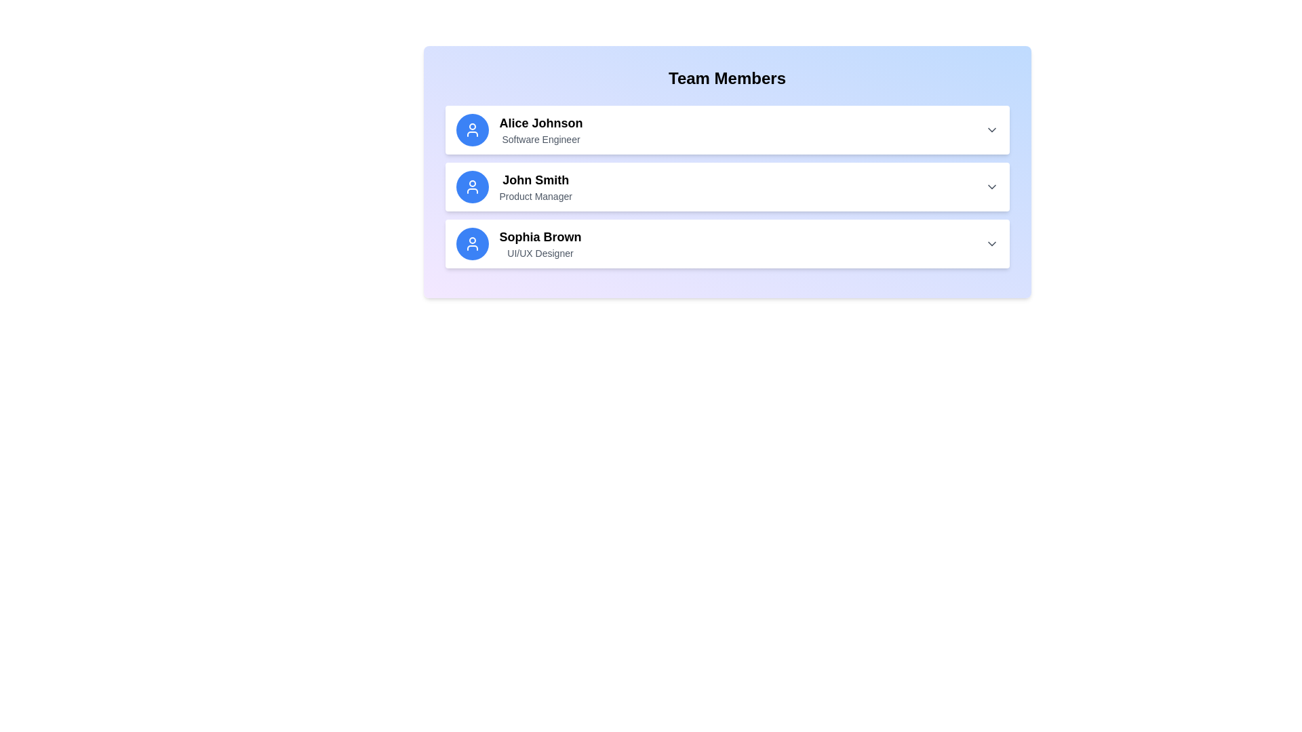 The width and height of the screenshot is (1302, 732). I want to click on the dropdown toggle button (chevron) located on the far right of the row containing 'John Smith' and 'Product Manager', so click(991, 187).